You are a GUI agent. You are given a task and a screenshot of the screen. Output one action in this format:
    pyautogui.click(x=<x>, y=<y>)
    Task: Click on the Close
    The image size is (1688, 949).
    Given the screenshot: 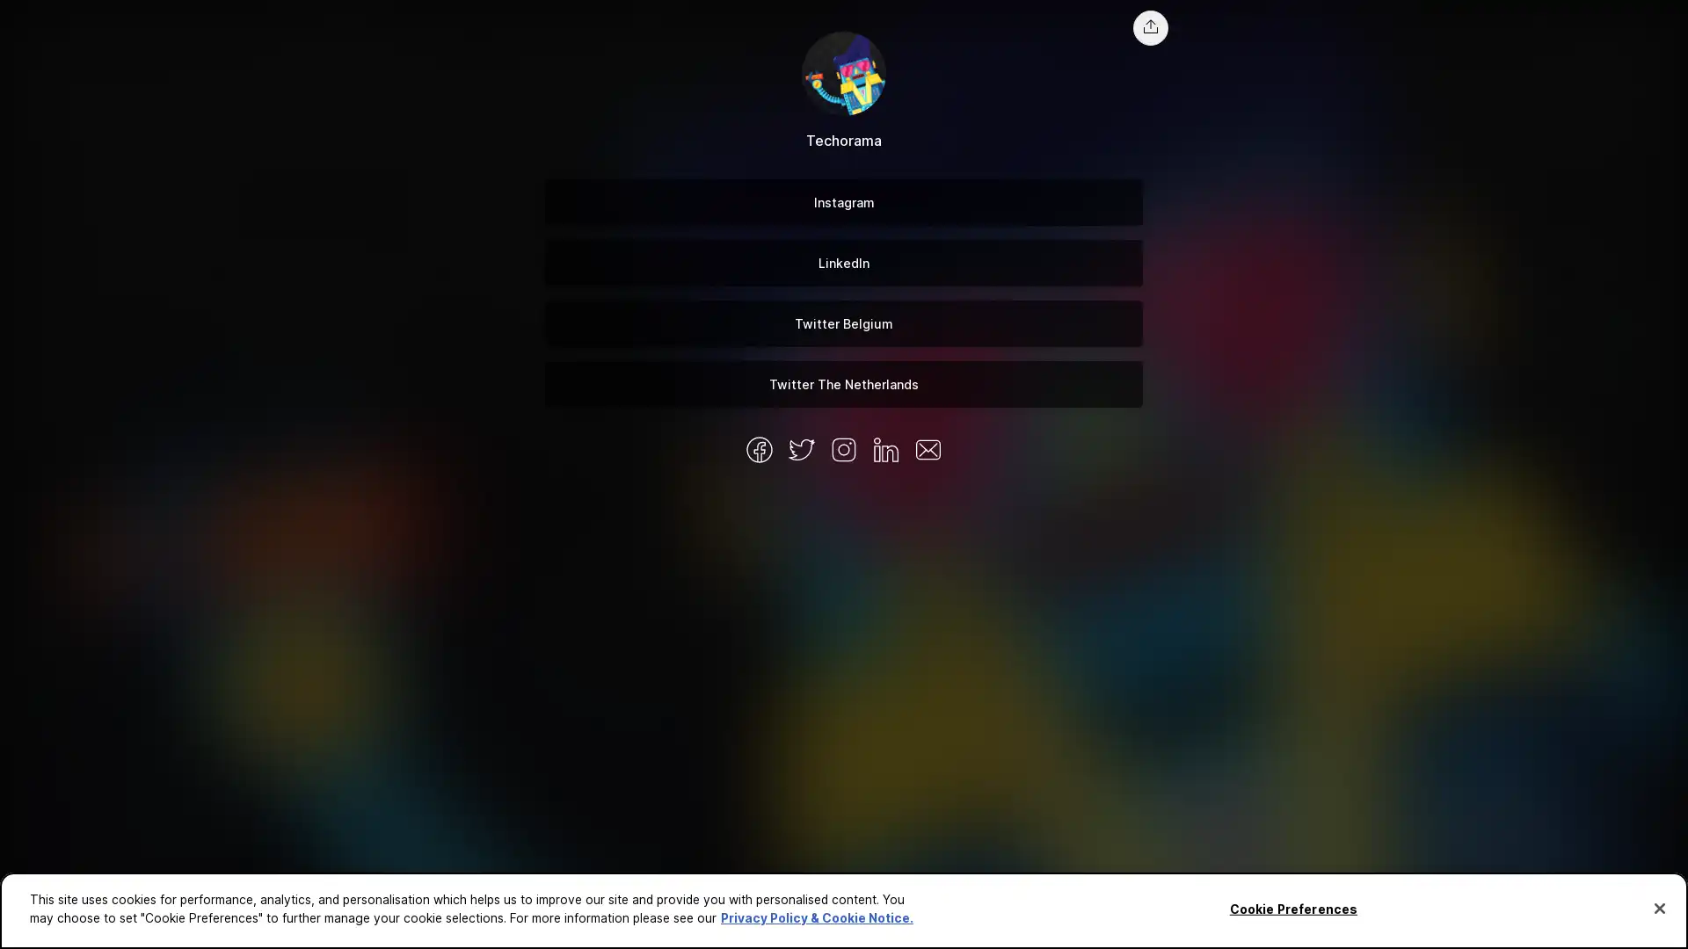 What is the action you would take?
    pyautogui.click(x=1658, y=908)
    